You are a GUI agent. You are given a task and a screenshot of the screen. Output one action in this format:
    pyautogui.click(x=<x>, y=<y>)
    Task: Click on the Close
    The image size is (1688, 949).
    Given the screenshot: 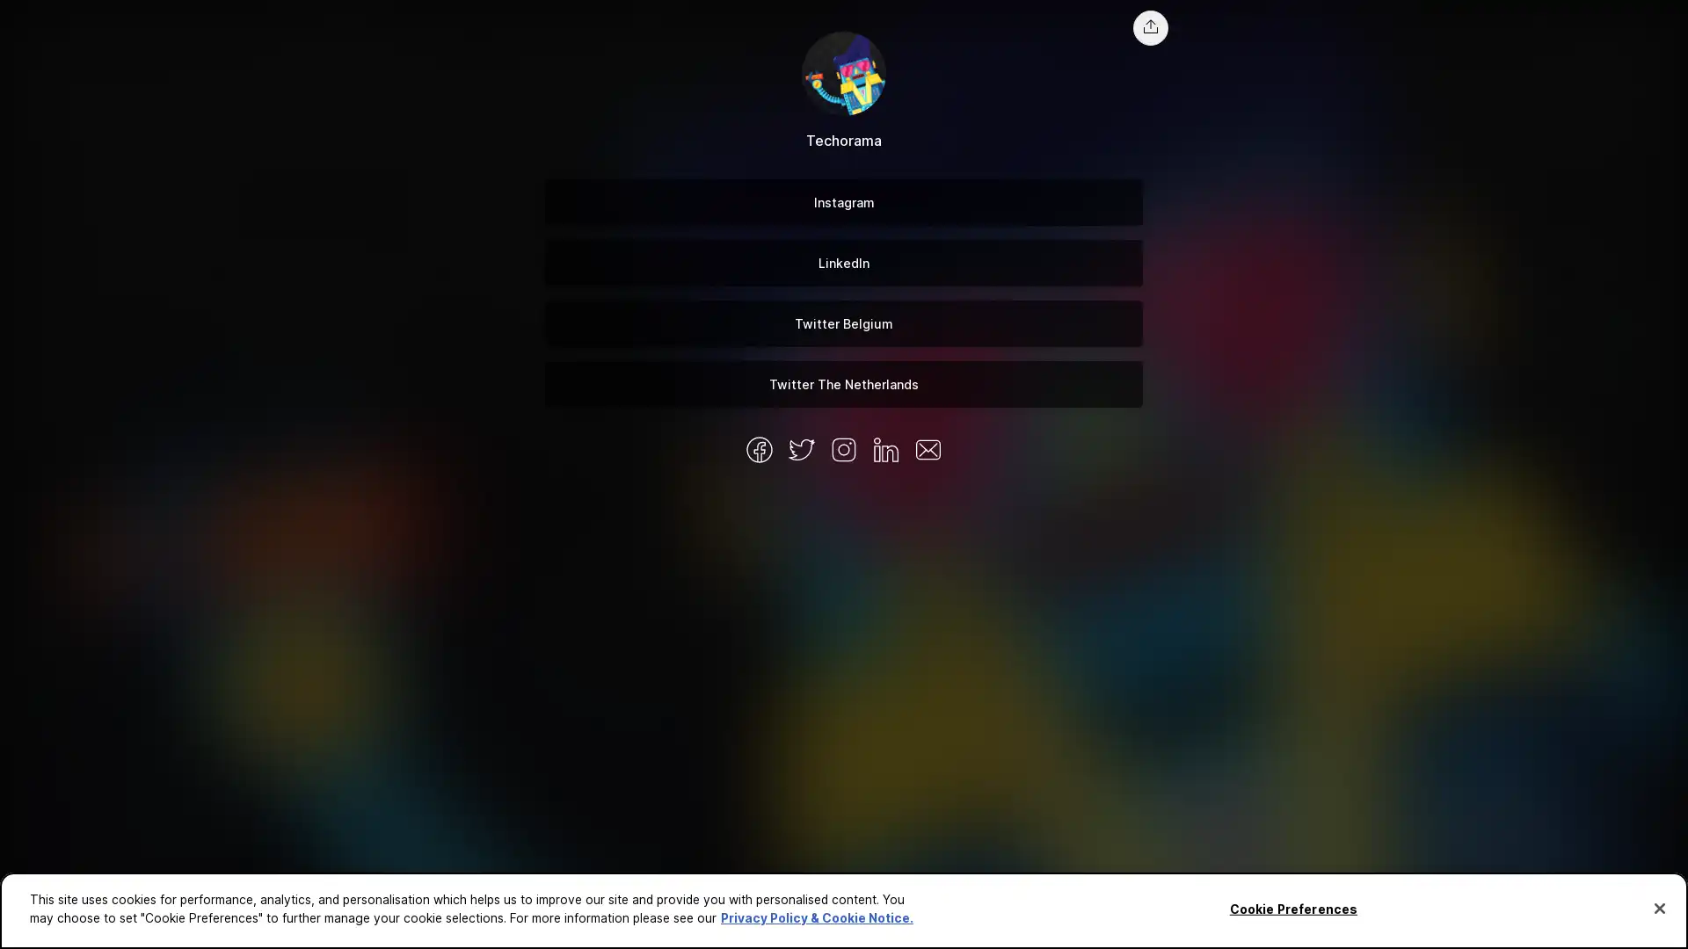 What is the action you would take?
    pyautogui.click(x=1658, y=908)
    